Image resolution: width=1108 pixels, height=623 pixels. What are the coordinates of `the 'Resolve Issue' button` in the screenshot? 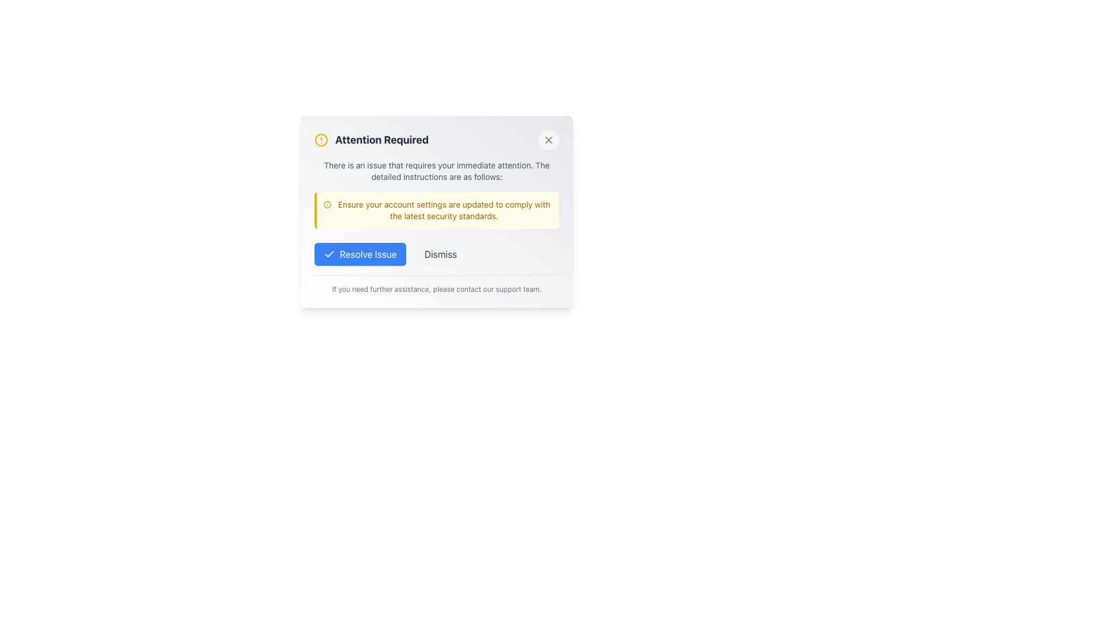 It's located at (360, 253).